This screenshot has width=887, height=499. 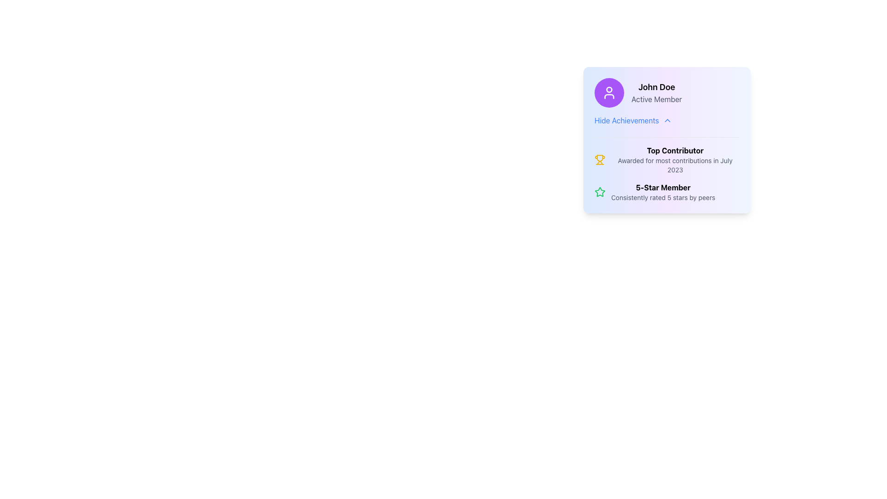 What do you see at coordinates (667, 192) in the screenshot?
I see `the 5-star member informational badge located in the achievement panel, positioned below the 'Top Contributor' section` at bounding box center [667, 192].